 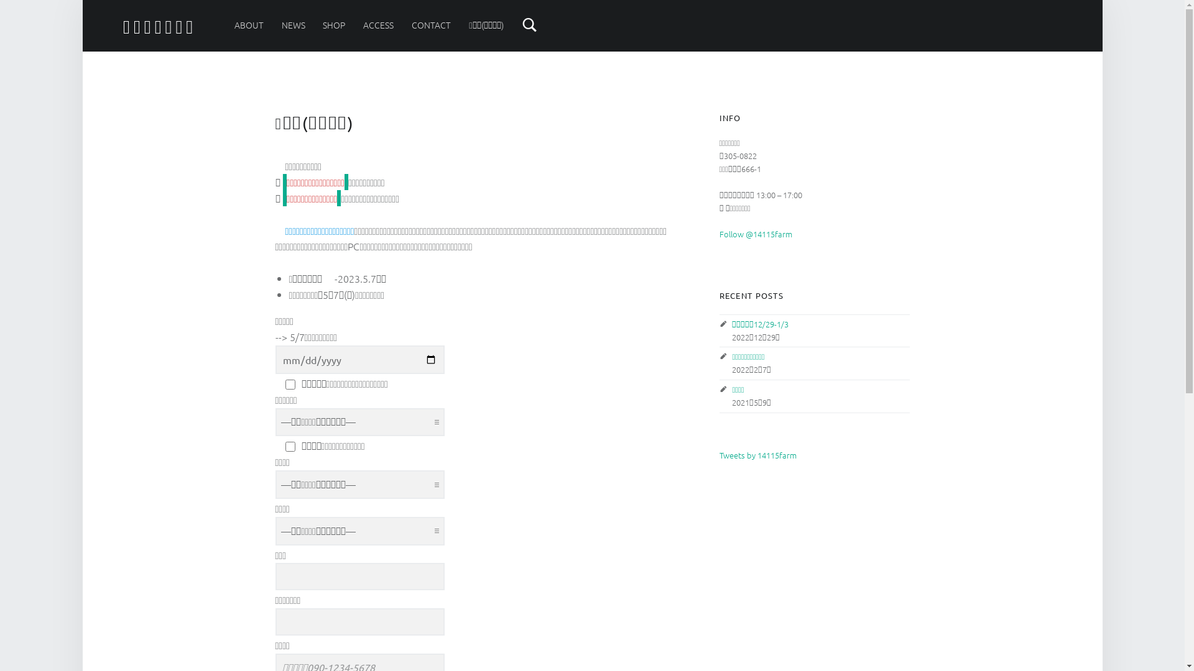 I want to click on 'Follow @14115farm', so click(x=754, y=234).